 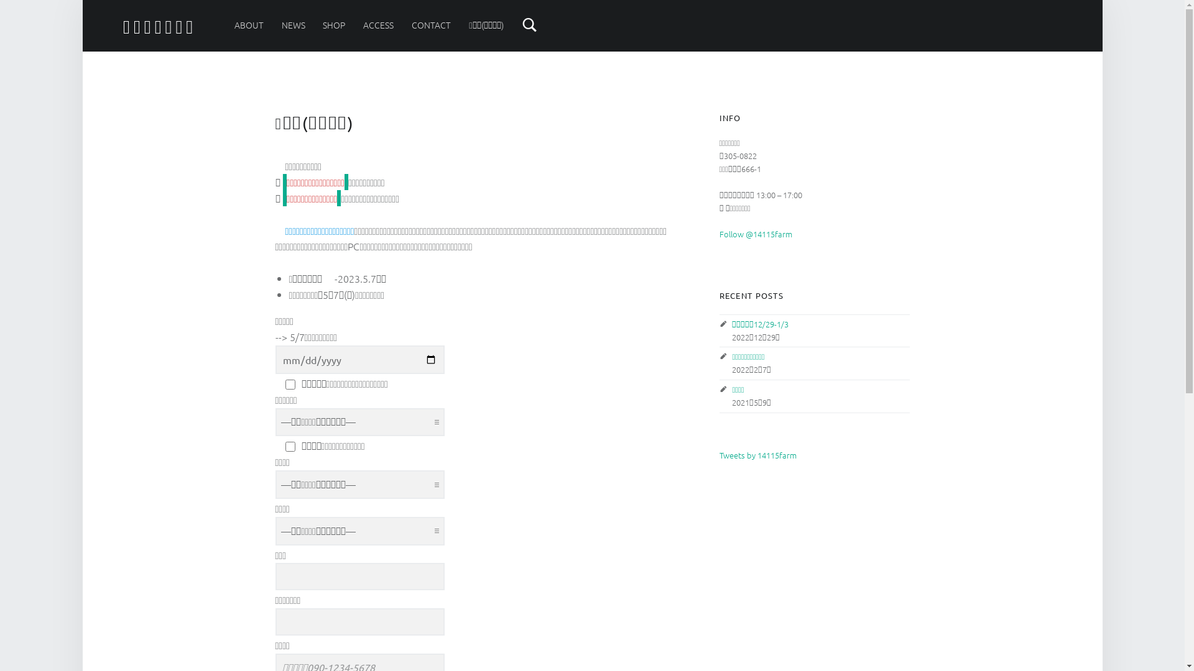 I want to click on 'Follow @14115farm', so click(x=754, y=234).